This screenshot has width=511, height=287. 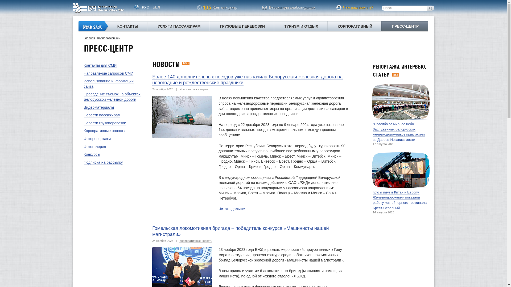 I want to click on 'RSS', so click(x=186, y=63).